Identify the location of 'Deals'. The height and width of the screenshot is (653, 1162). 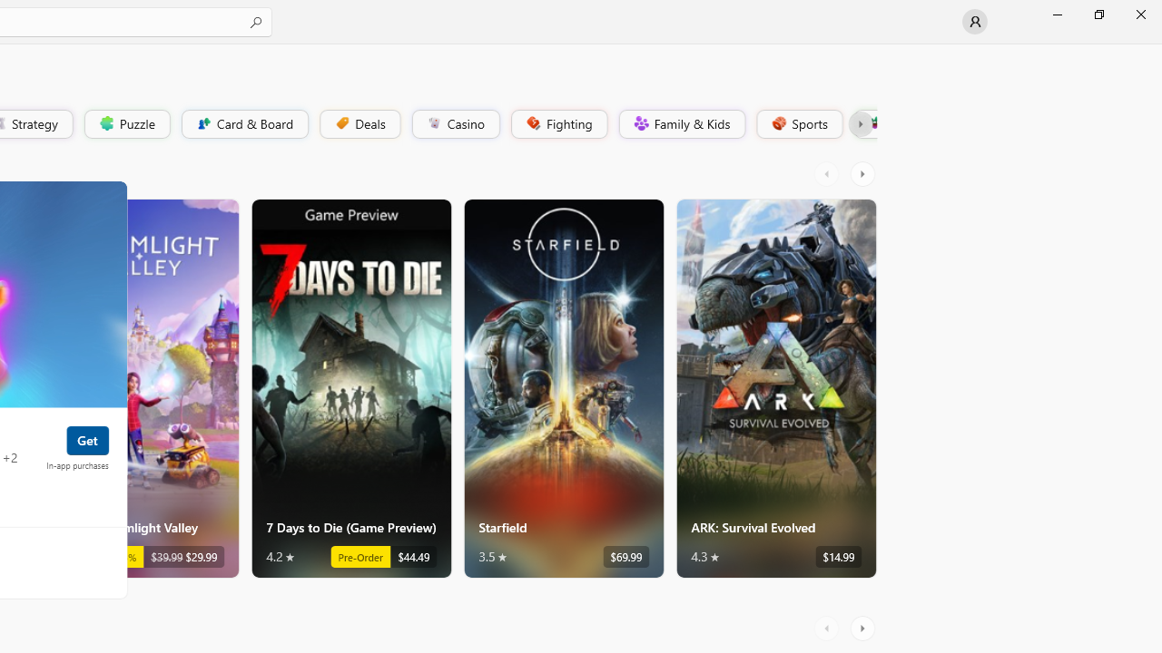
(359, 122).